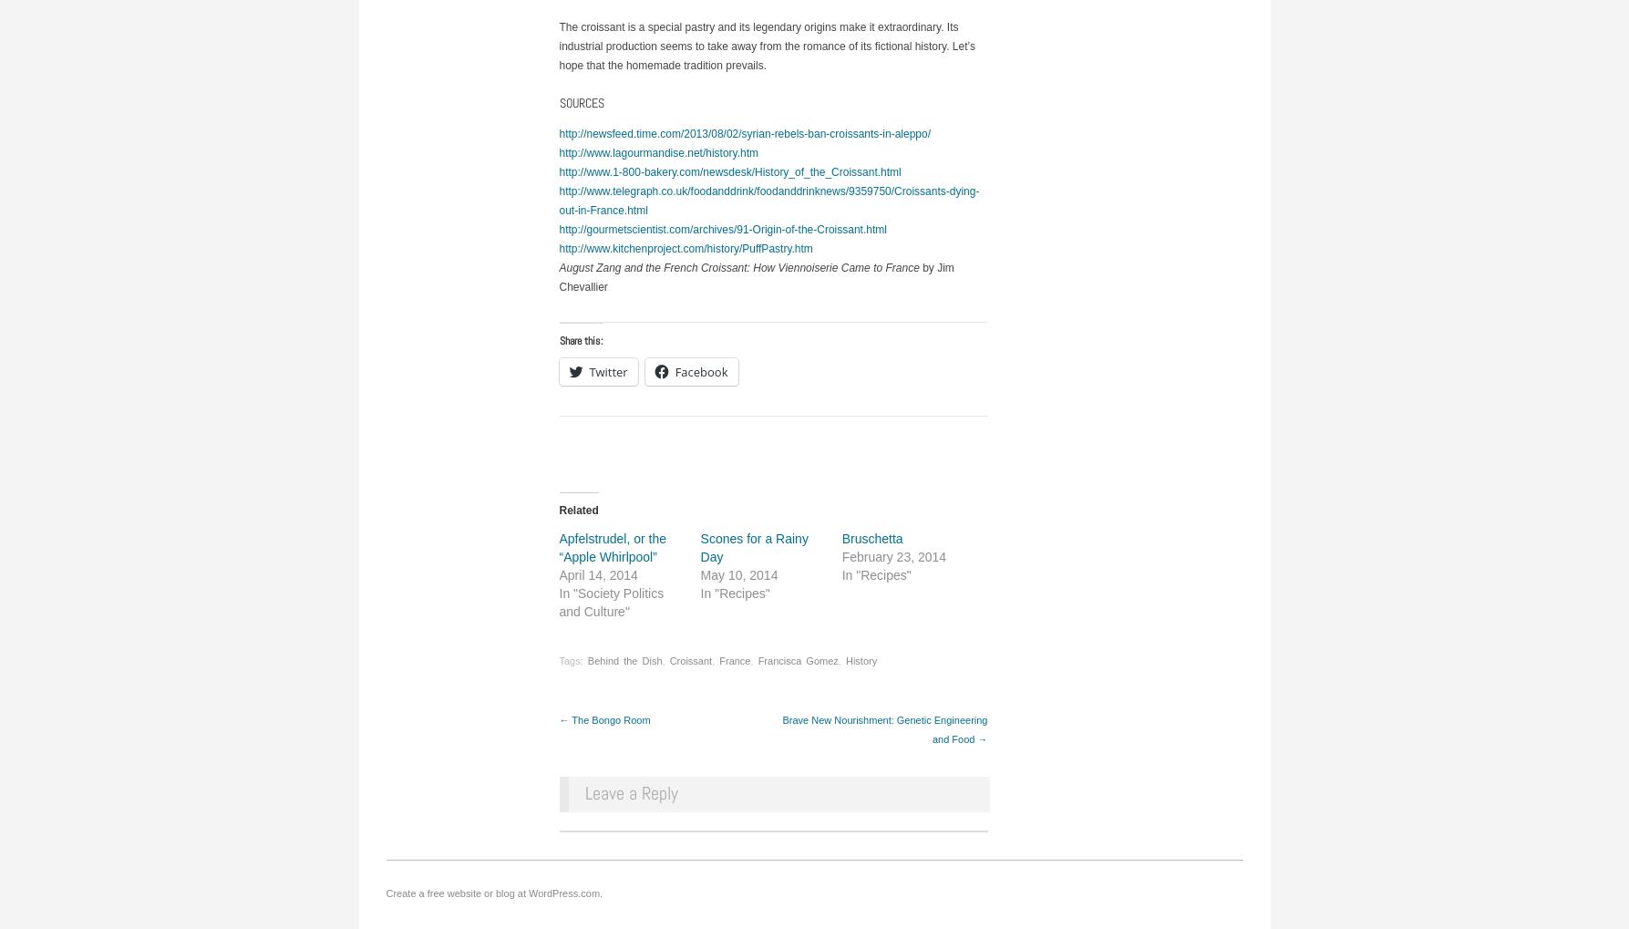 The height and width of the screenshot is (929, 1629). Describe the element at coordinates (557, 275) in the screenshot. I see `'by Jim Chevallier'` at that location.